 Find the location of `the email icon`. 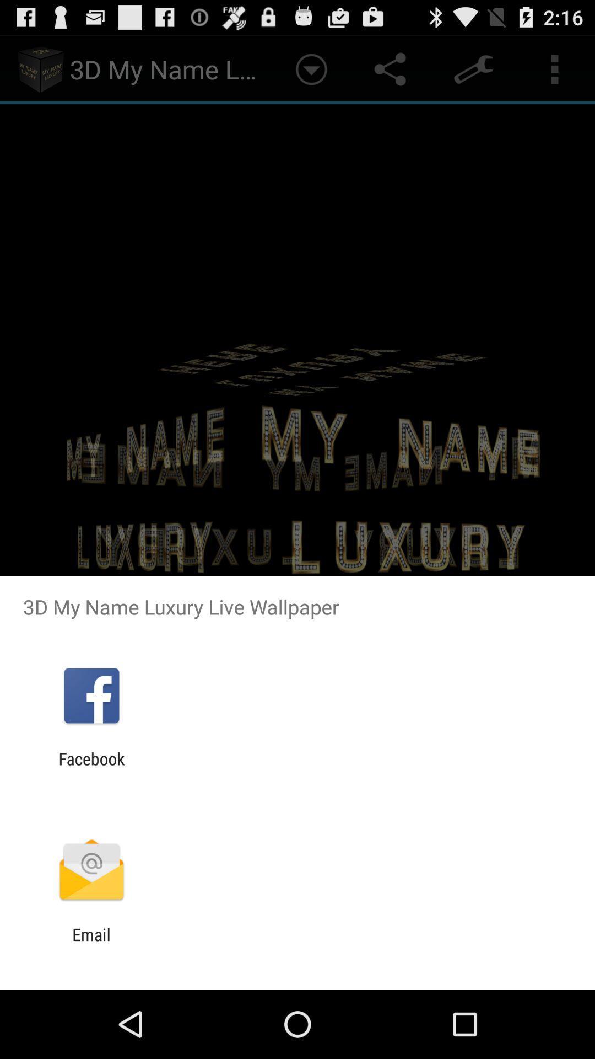

the email icon is located at coordinates (91, 944).